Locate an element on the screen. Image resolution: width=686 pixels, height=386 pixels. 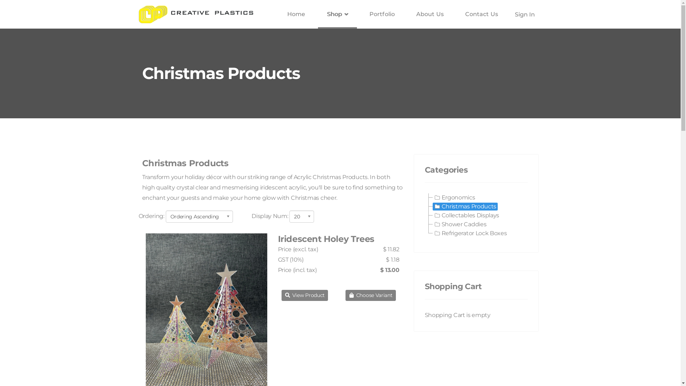
'Contact Us' is located at coordinates (482, 14).